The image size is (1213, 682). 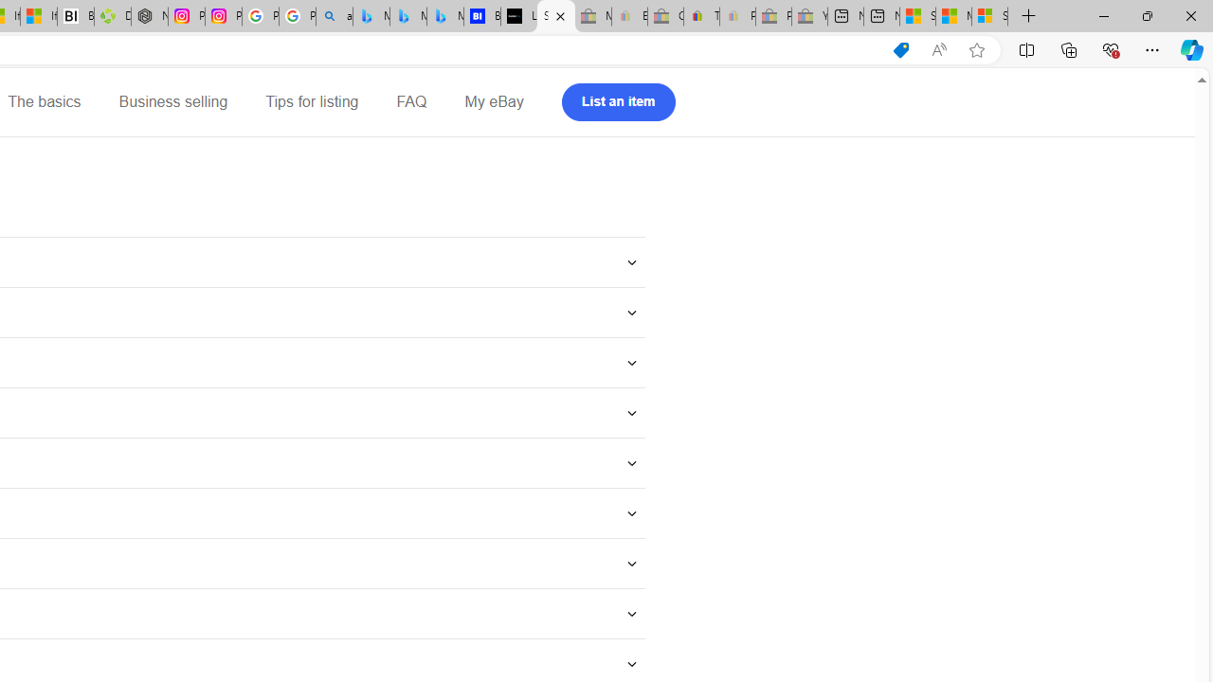 I want to click on 'This site has coupons! Shopping in Microsoft Edge', so click(x=900, y=49).